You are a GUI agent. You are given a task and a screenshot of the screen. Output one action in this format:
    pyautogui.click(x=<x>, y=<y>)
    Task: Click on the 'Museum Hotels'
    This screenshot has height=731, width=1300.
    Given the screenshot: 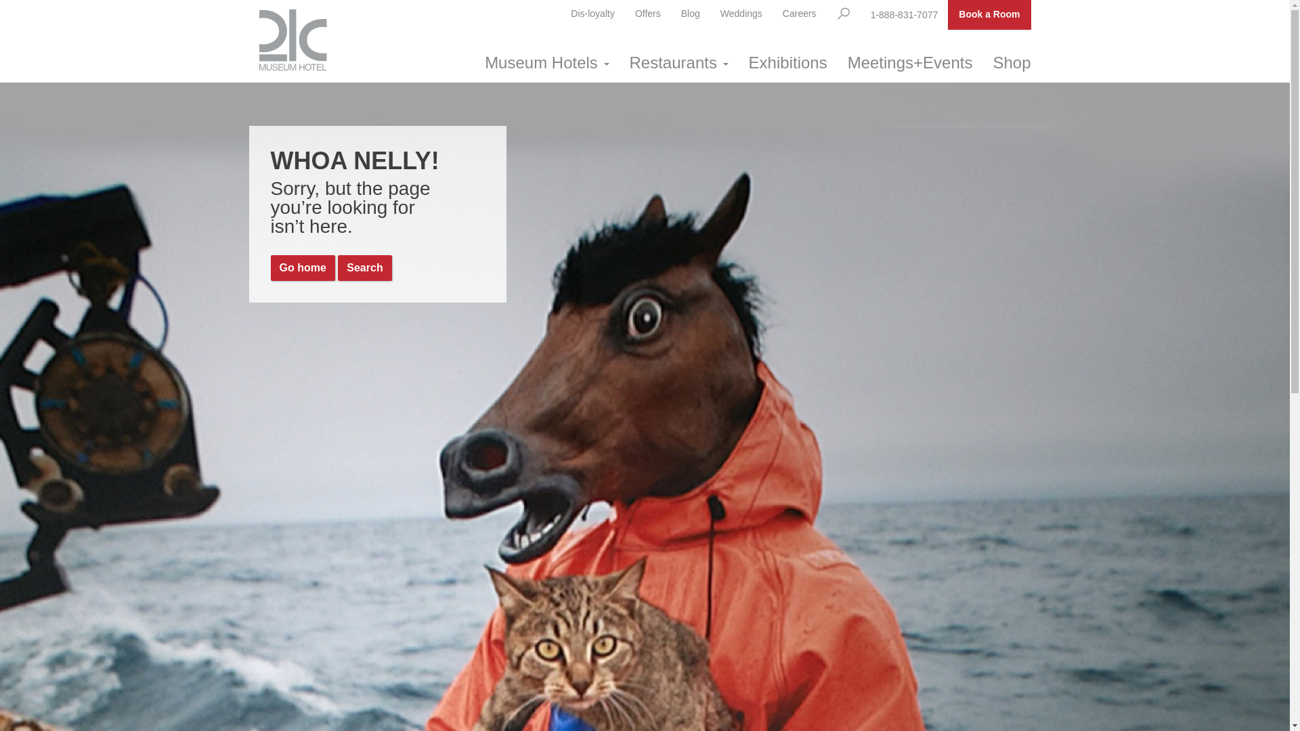 What is the action you would take?
    pyautogui.click(x=474, y=62)
    